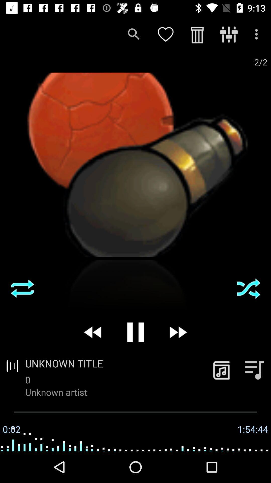  Describe the element at coordinates (258, 34) in the screenshot. I see `the item above 2/2 item` at that location.